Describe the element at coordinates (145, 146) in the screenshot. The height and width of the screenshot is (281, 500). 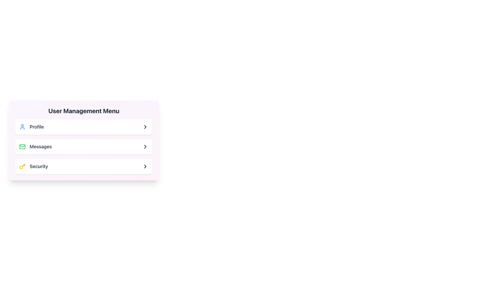
I see `the chevron icon on the far right side of the 'Messages' menu item in the 'User Management Menu' interface` at that location.